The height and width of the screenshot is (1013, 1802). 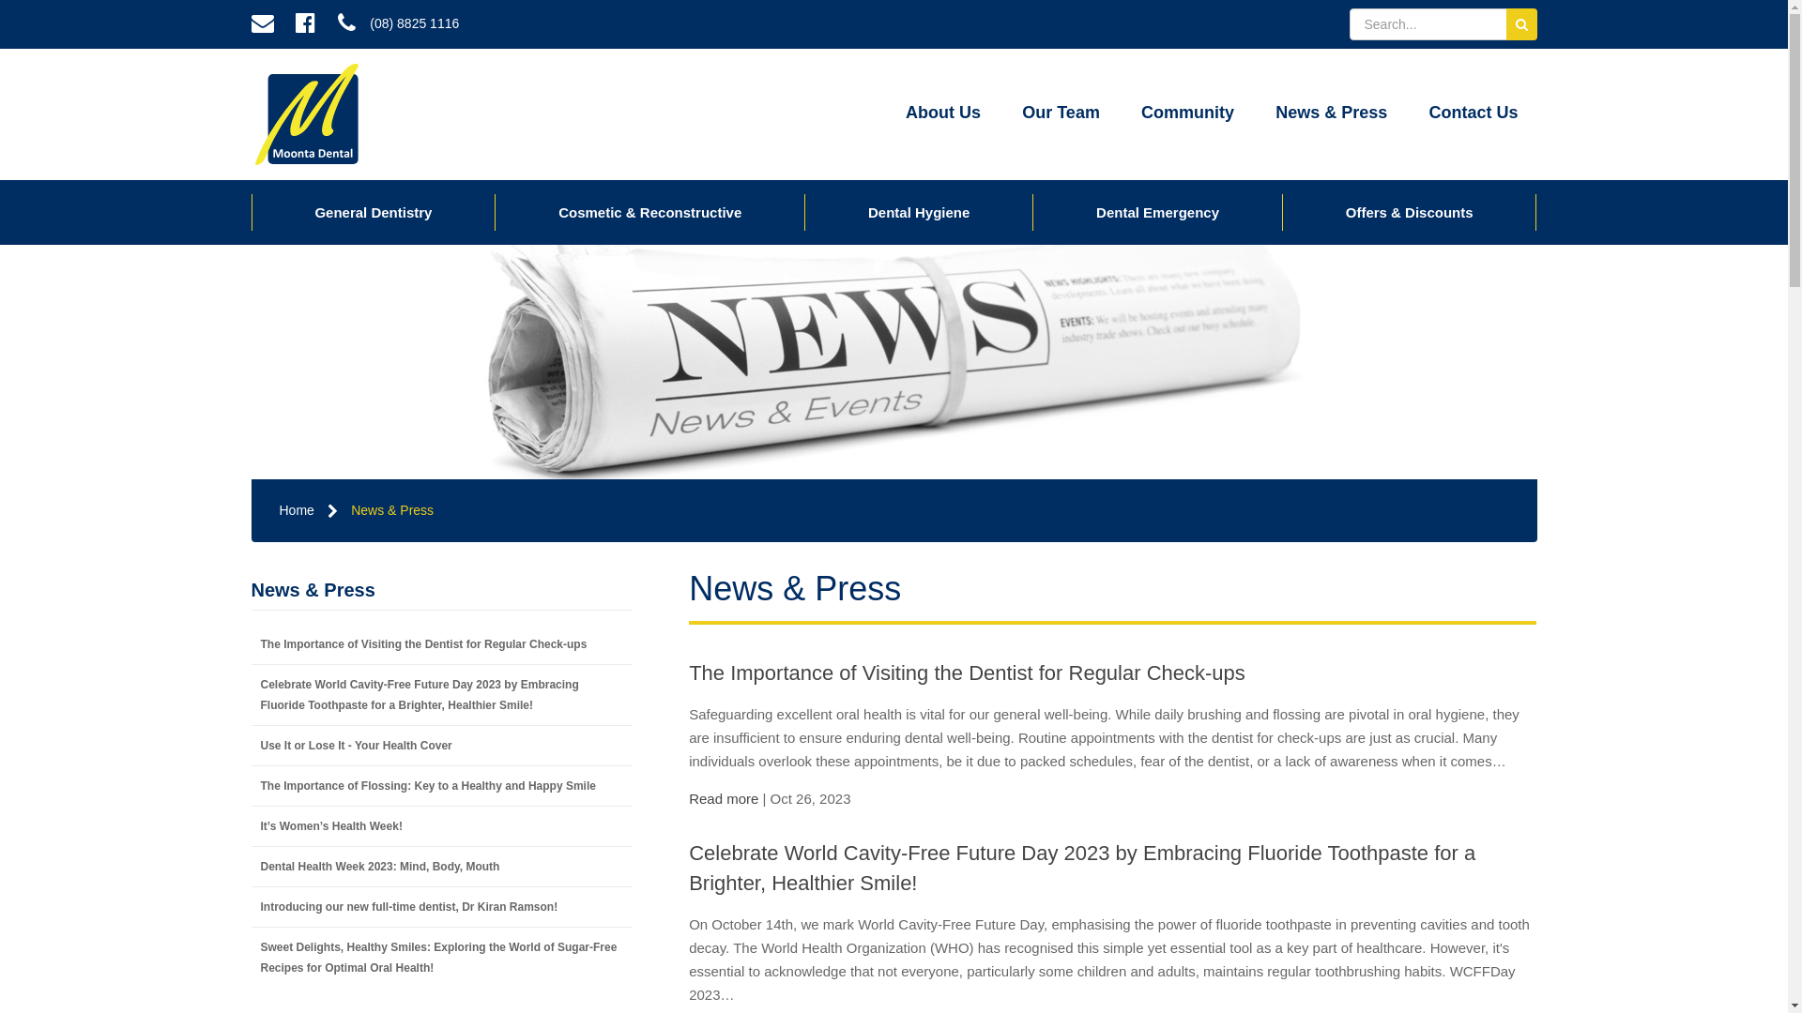 I want to click on 'General Dentistry', so click(x=373, y=211).